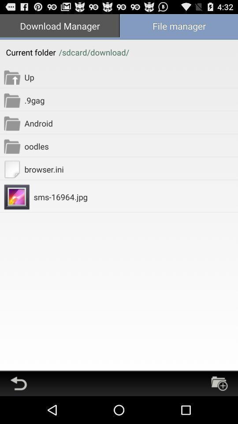 The image size is (238, 424). I want to click on file, so click(219, 383).